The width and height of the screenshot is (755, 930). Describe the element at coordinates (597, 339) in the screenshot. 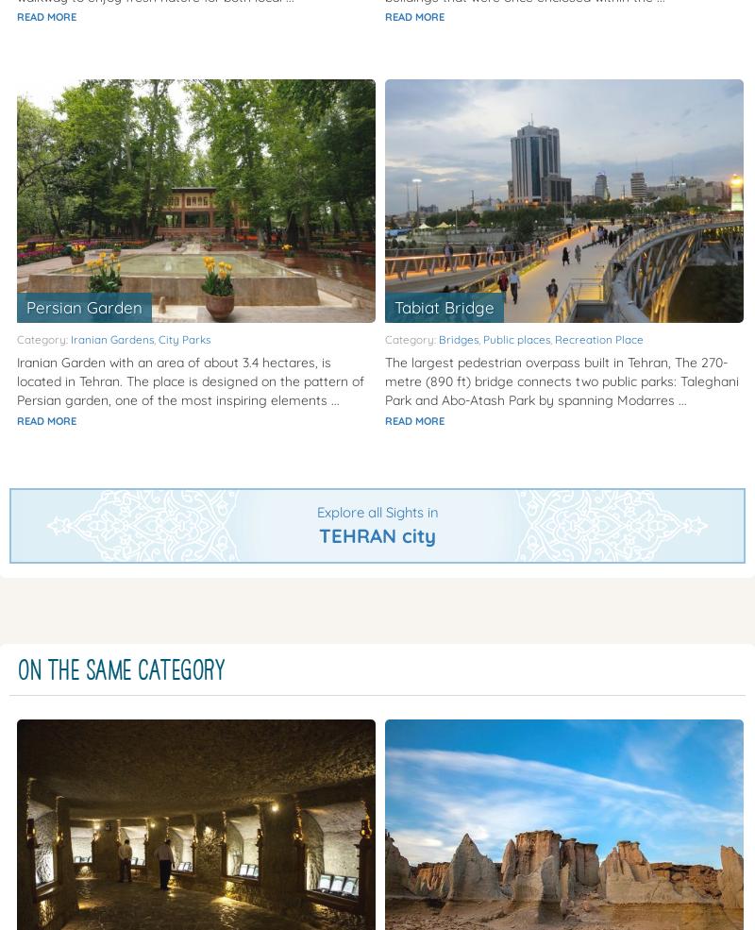

I see `'Recreation Place'` at that location.